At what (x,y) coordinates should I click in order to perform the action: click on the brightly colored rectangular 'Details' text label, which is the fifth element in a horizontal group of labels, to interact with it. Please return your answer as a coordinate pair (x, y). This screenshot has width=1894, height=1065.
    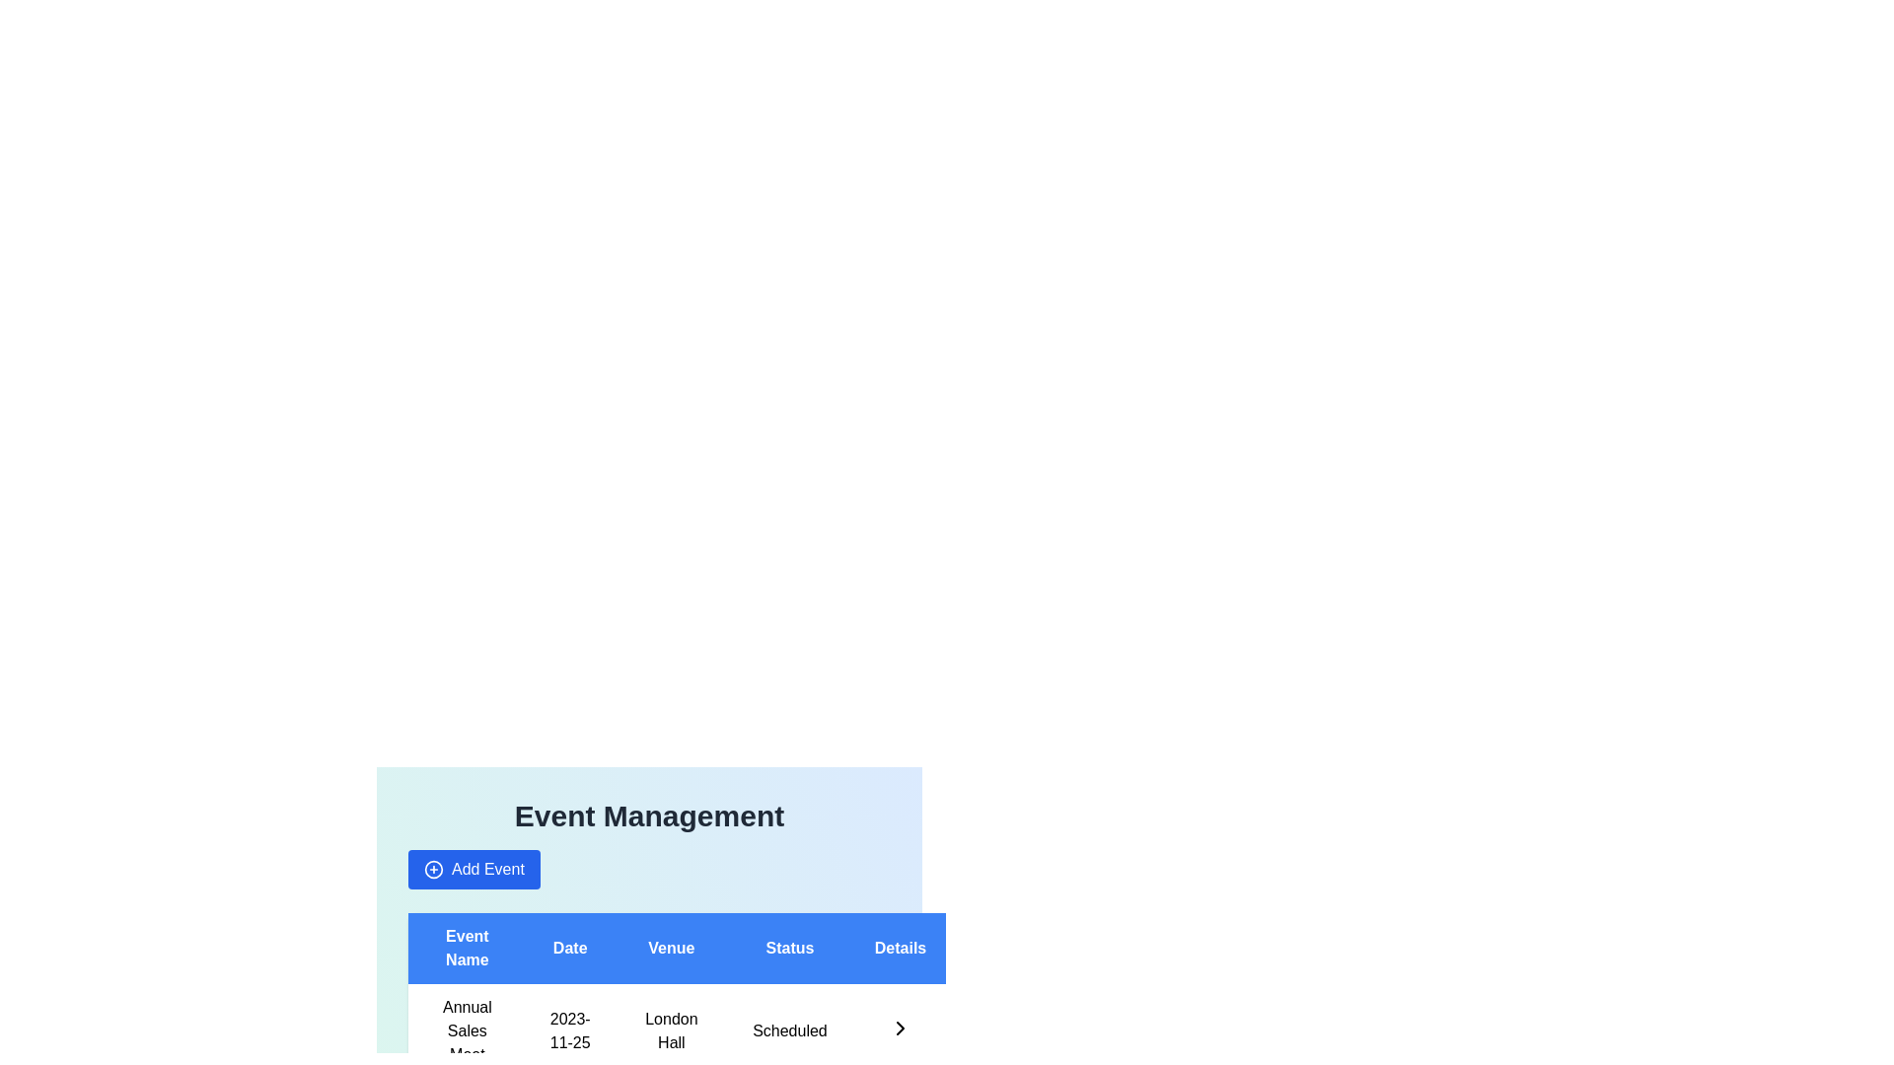
    Looking at the image, I should click on (899, 947).